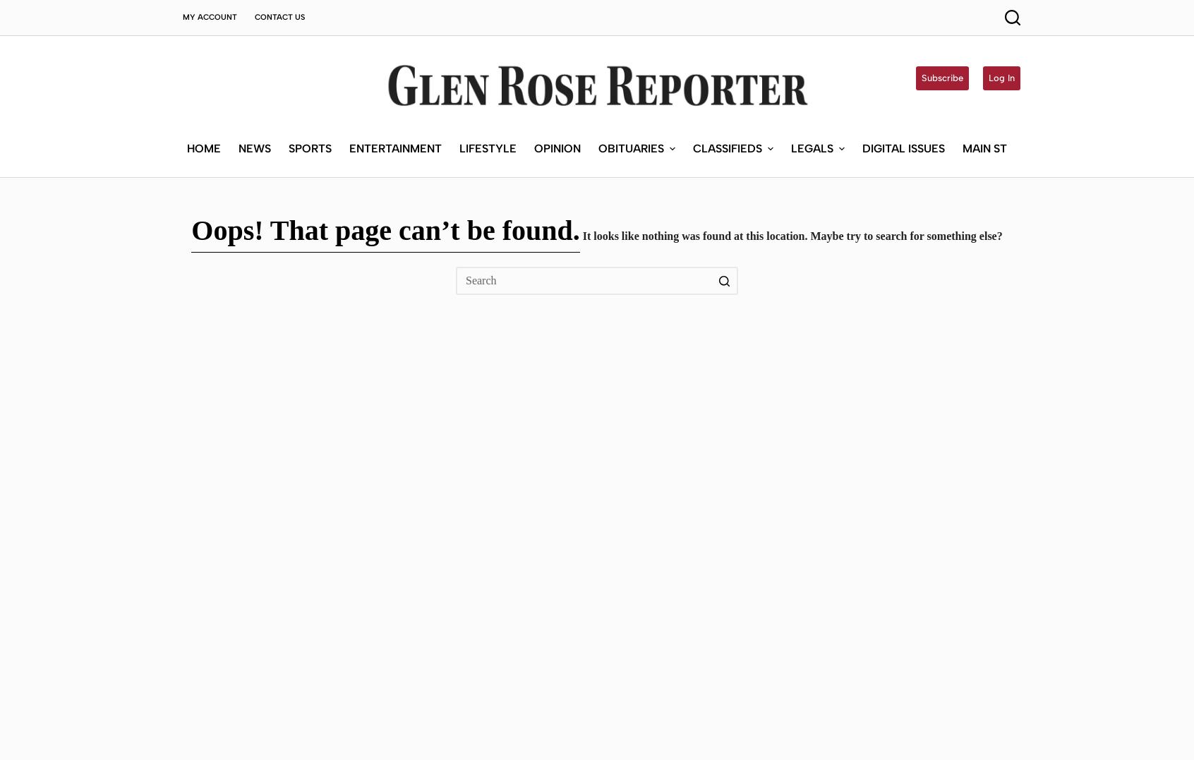 The height and width of the screenshot is (760, 1194). Describe the element at coordinates (645, 99) in the screenshot. I see `'Submit an Obituary'` at that location.